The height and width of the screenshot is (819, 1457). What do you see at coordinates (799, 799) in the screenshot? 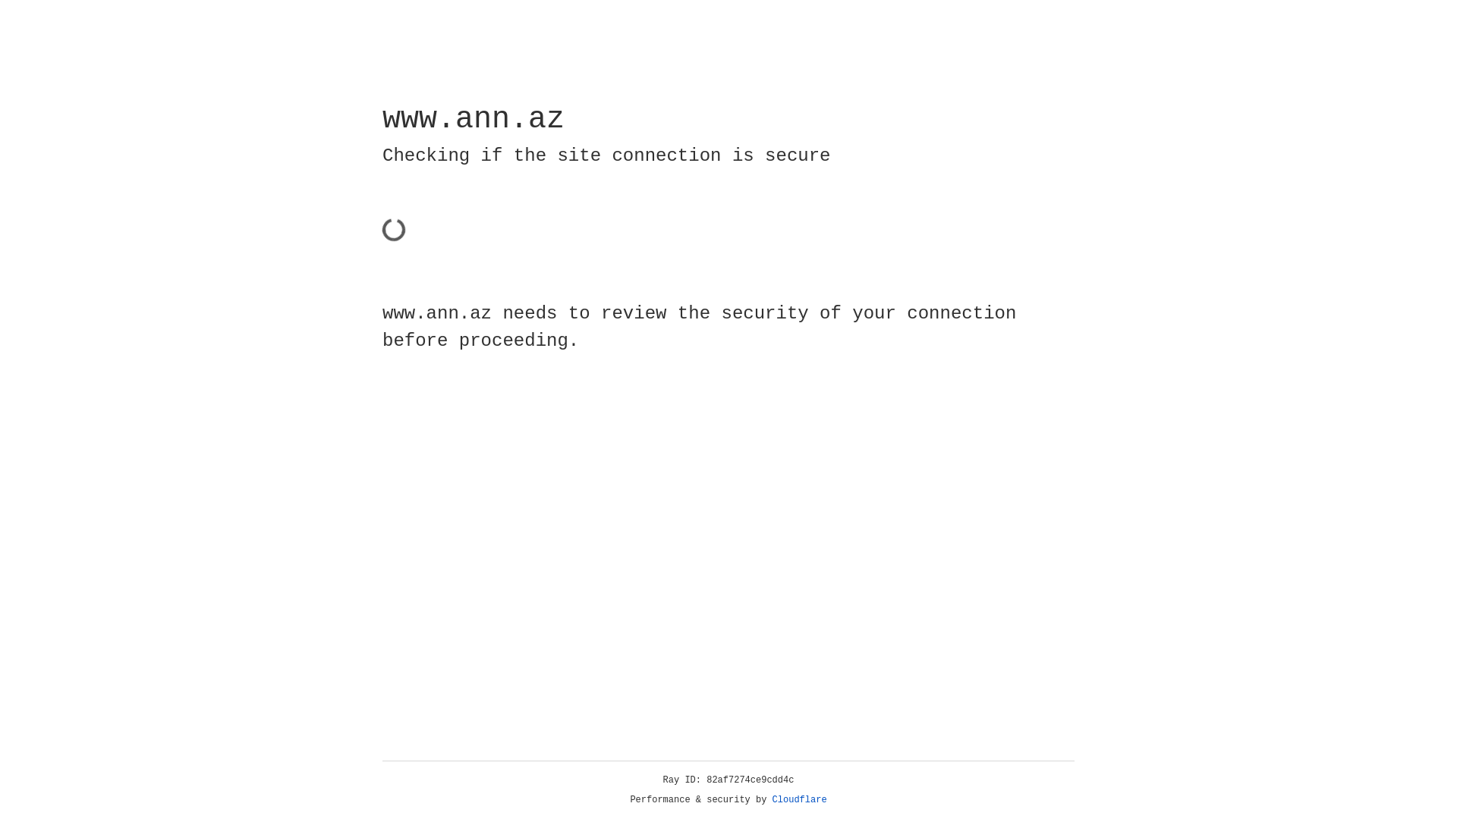
I see `'Cloudflare'` at bounding box center [799, 799].